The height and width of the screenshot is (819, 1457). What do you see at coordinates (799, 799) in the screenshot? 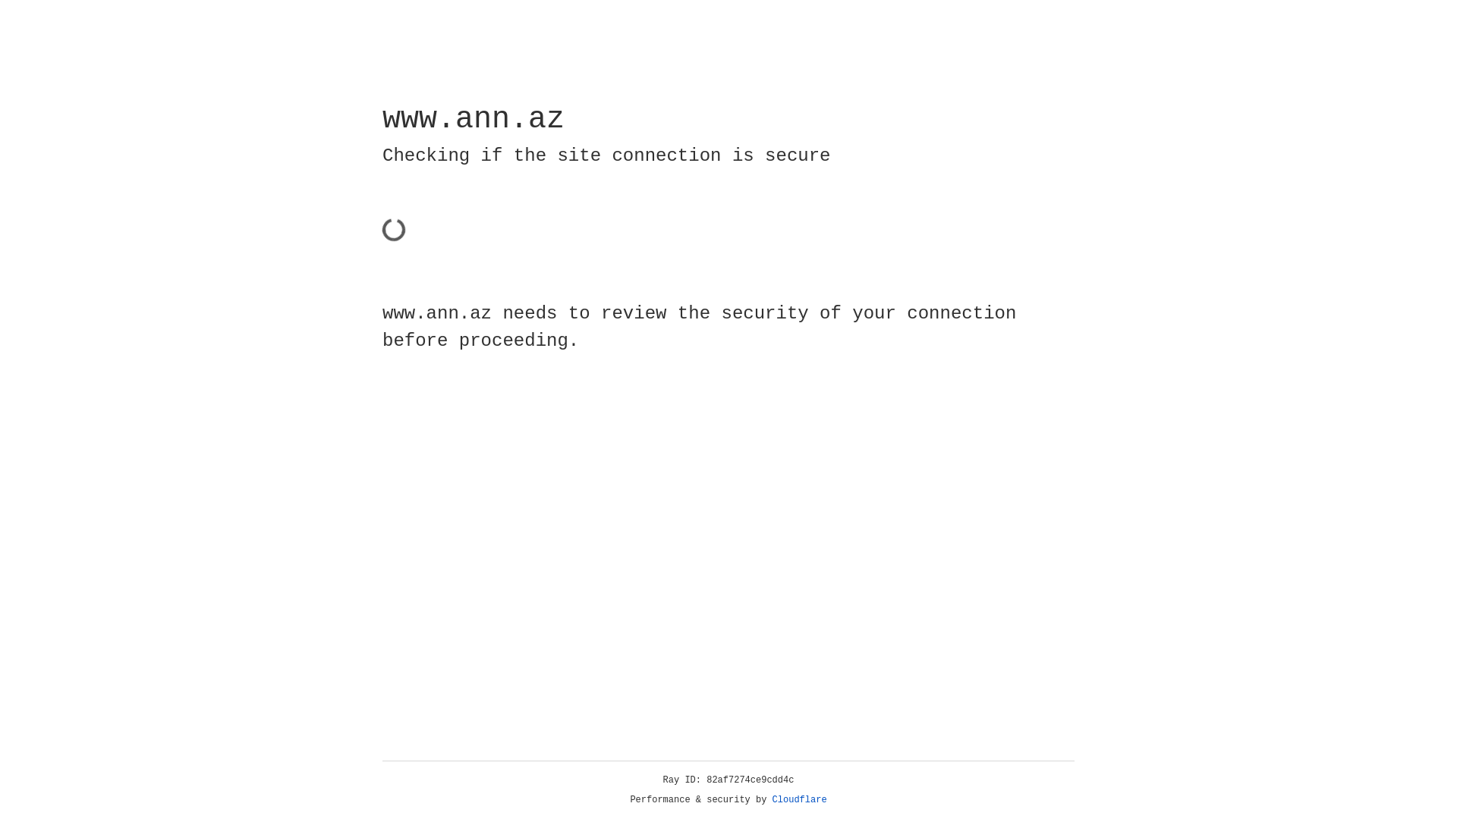
I see `'Cloudflare'` at bounding box center [799, 799].